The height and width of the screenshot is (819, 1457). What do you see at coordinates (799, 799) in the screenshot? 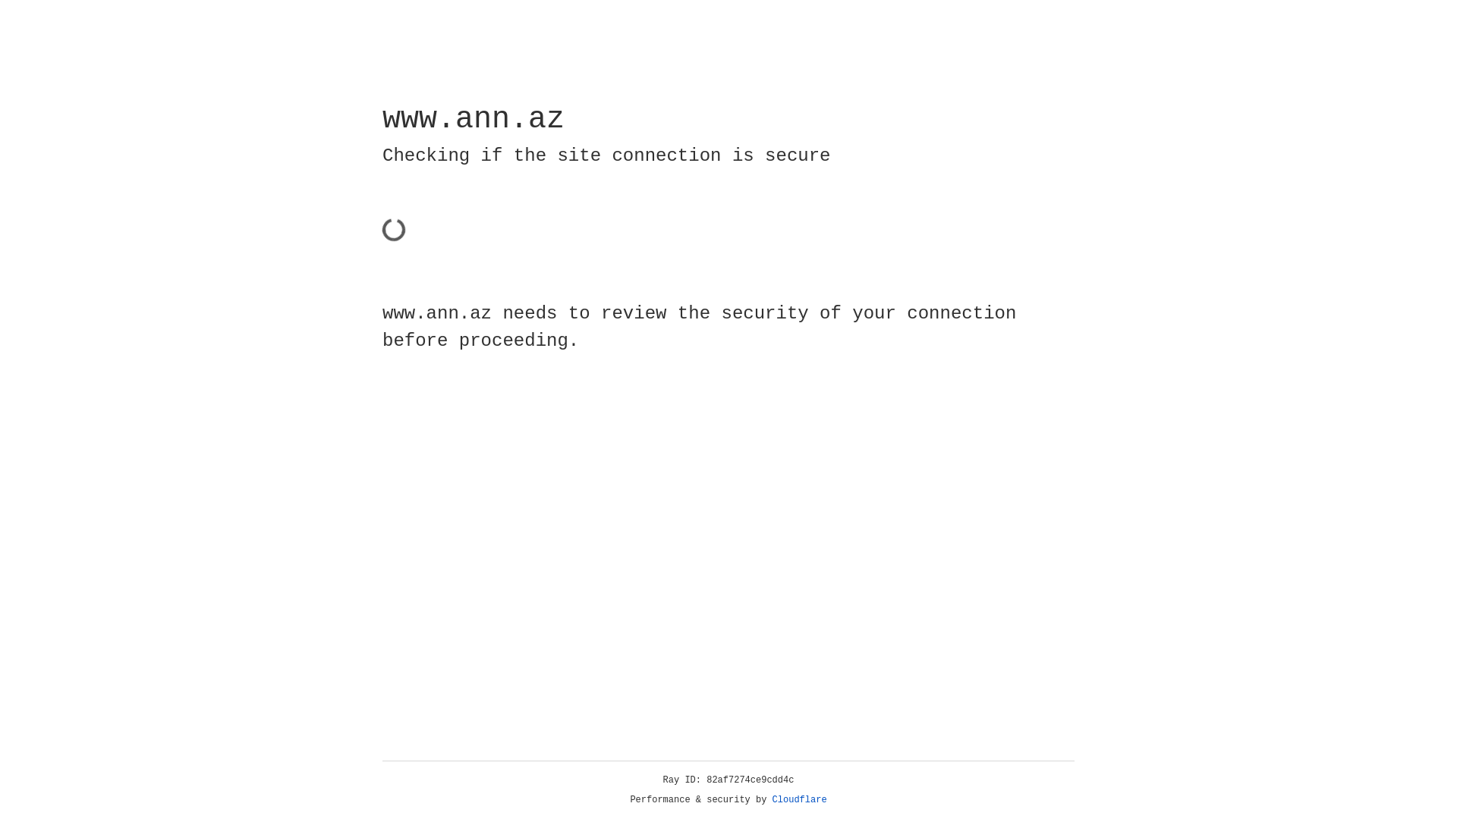
I see `'Cloudflare'` at bounding box center [799, 799].